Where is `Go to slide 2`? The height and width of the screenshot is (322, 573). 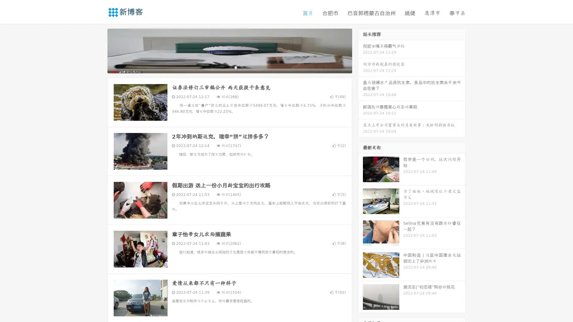
Go to slide 2 is located at coordinates (229, 67).